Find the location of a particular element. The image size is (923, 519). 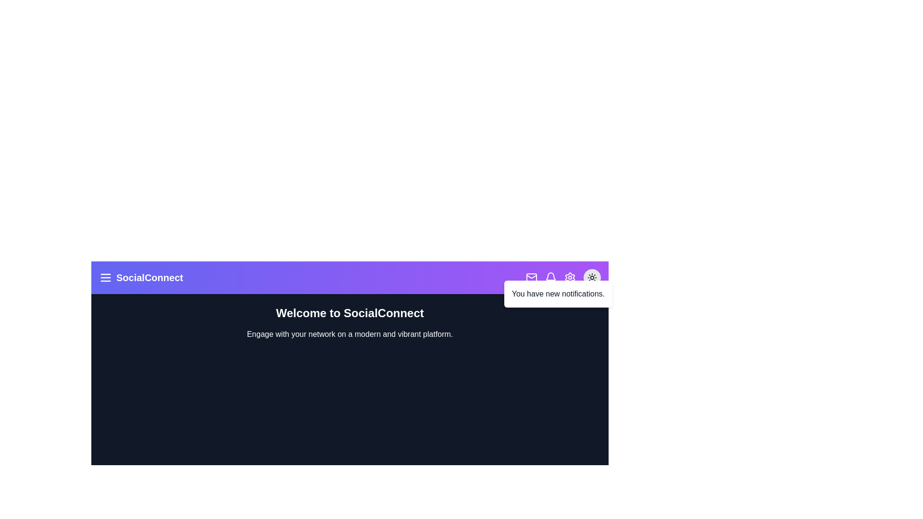

the bell icon to toggle the notifications panel is located at coordinates (551, 278).